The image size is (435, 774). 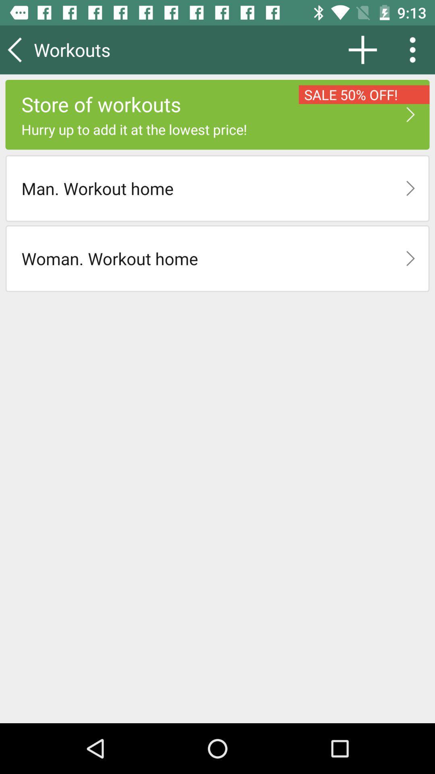 I want to click on the more icon, so click(x=415, y=49).